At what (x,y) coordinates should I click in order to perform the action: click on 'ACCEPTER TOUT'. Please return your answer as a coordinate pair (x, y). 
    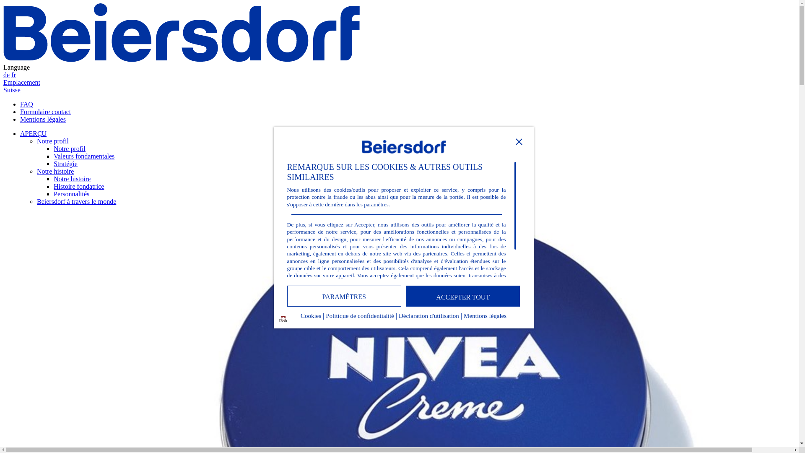
    Looking at the image, I should click on (462, 295).